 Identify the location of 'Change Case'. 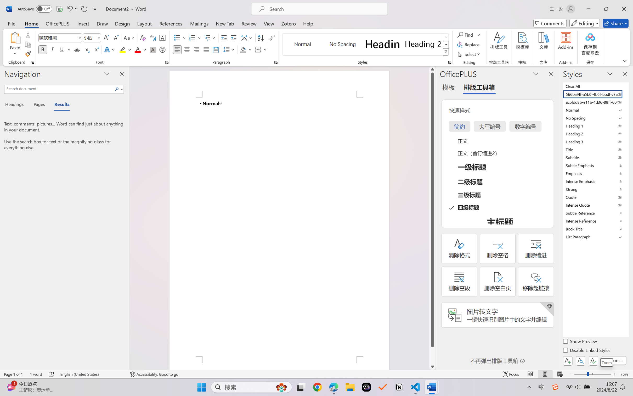
(129, 38).